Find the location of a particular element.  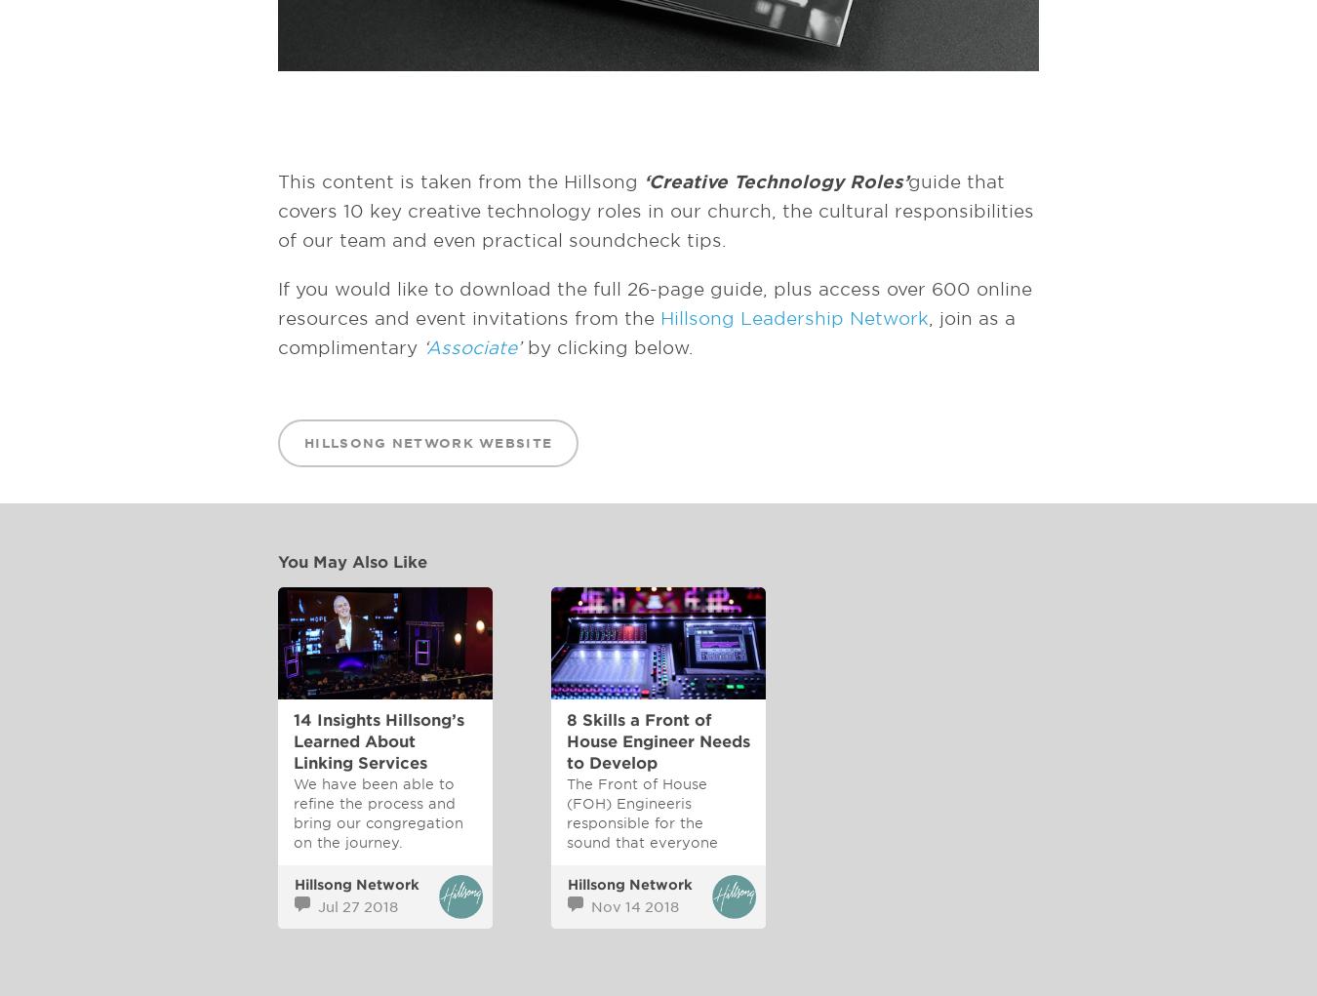

', join as a complimentary' is located at coordinates (276, 332).